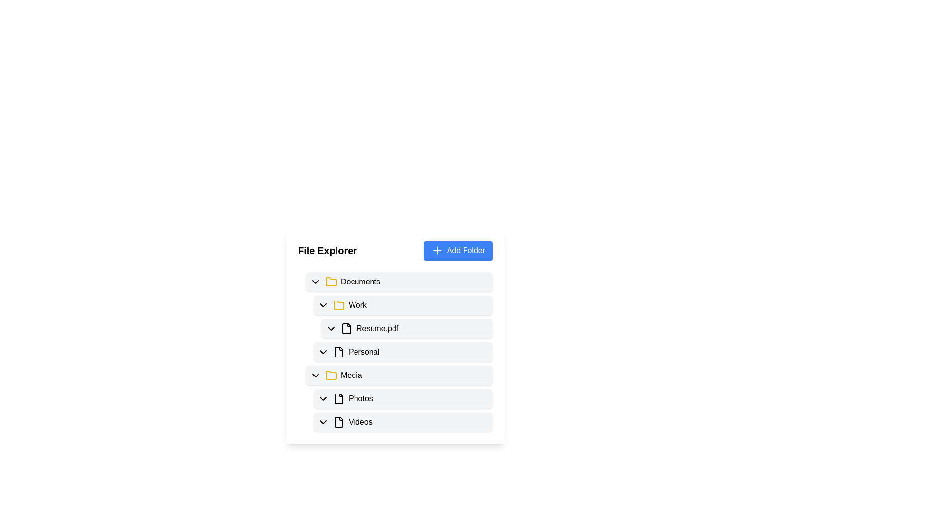  Describe the element at coordinates (395, 336) in the screenshot. I see `the list item representing the file named 'Resume.pdf' in the file explorer` at that location.